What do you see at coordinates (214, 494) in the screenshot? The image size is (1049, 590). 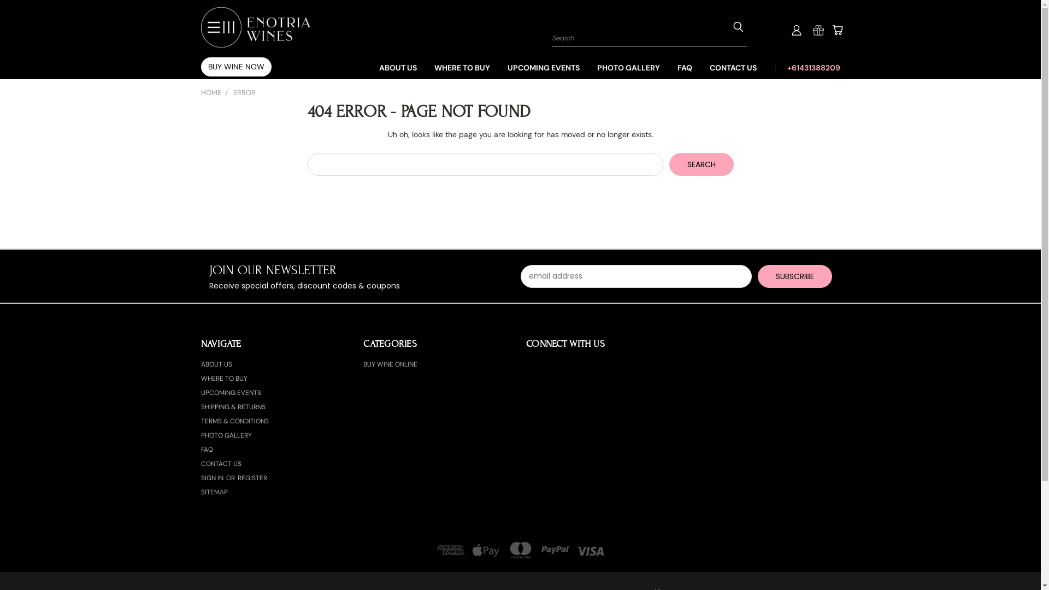 I see `'SITEMAP'` at bounding box center [214, 494].